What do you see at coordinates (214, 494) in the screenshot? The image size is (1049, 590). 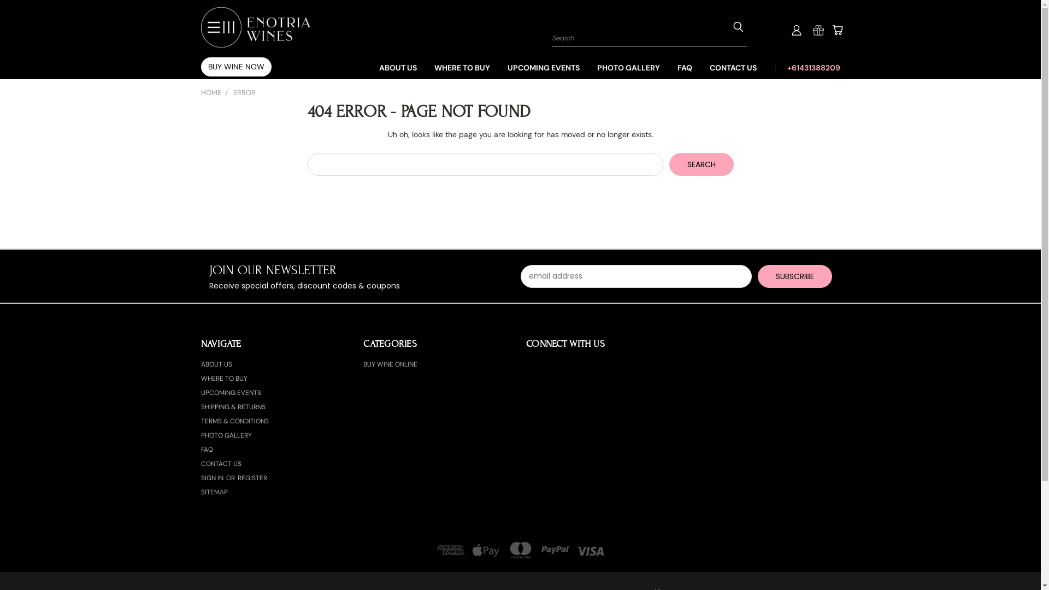 I see `'SITEMAP'` at bounding box center [214, 494].